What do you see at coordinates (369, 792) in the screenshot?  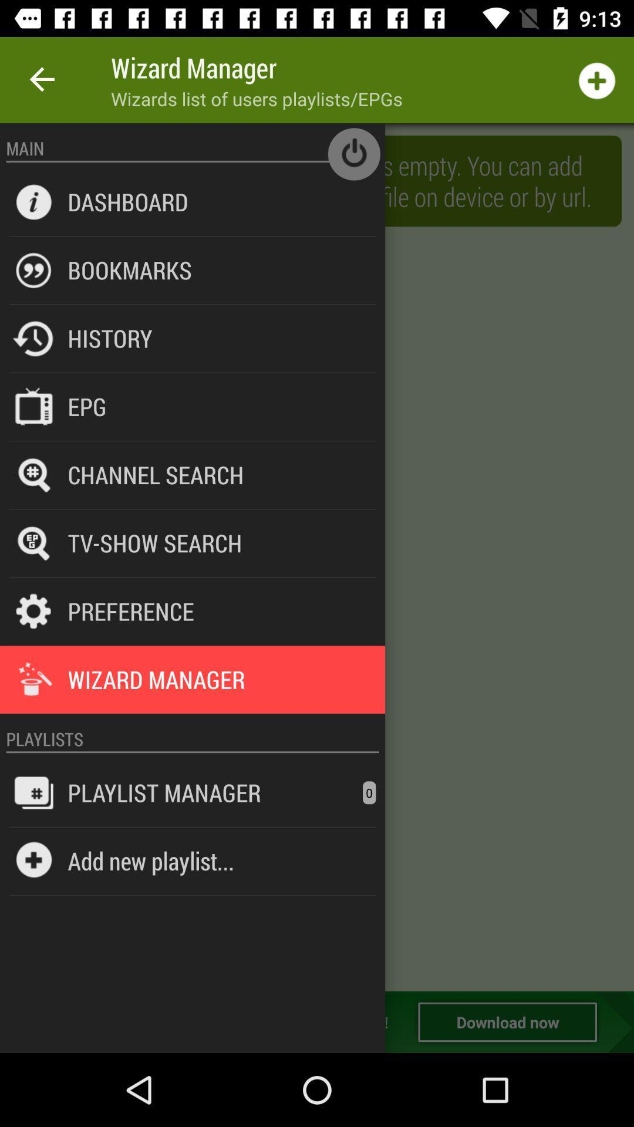 I see `the icon next to playlist manager` at bounding box center [369, 792].